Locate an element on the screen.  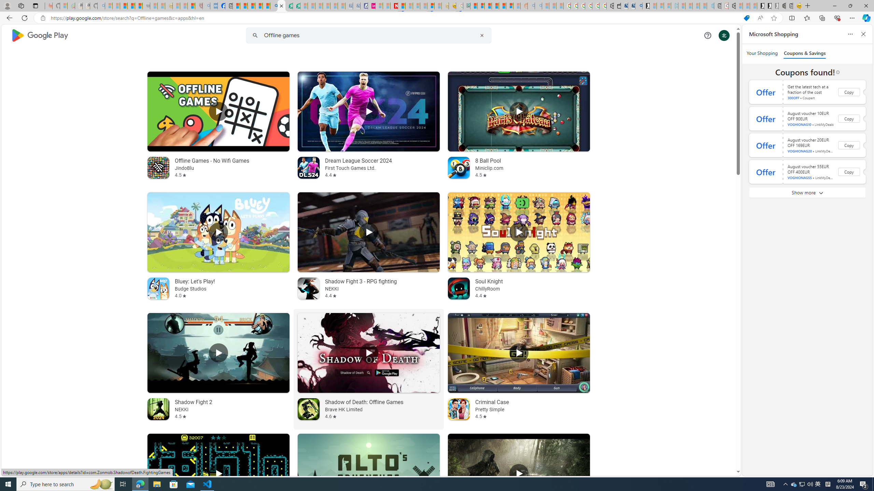
'New Report Confirms 2023 Was Record Hot | Watch' is located at coordinates (138, 5).